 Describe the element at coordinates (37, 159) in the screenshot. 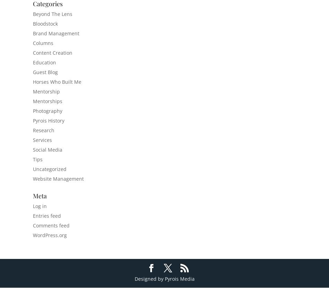

I see `'Tips'` at that location.